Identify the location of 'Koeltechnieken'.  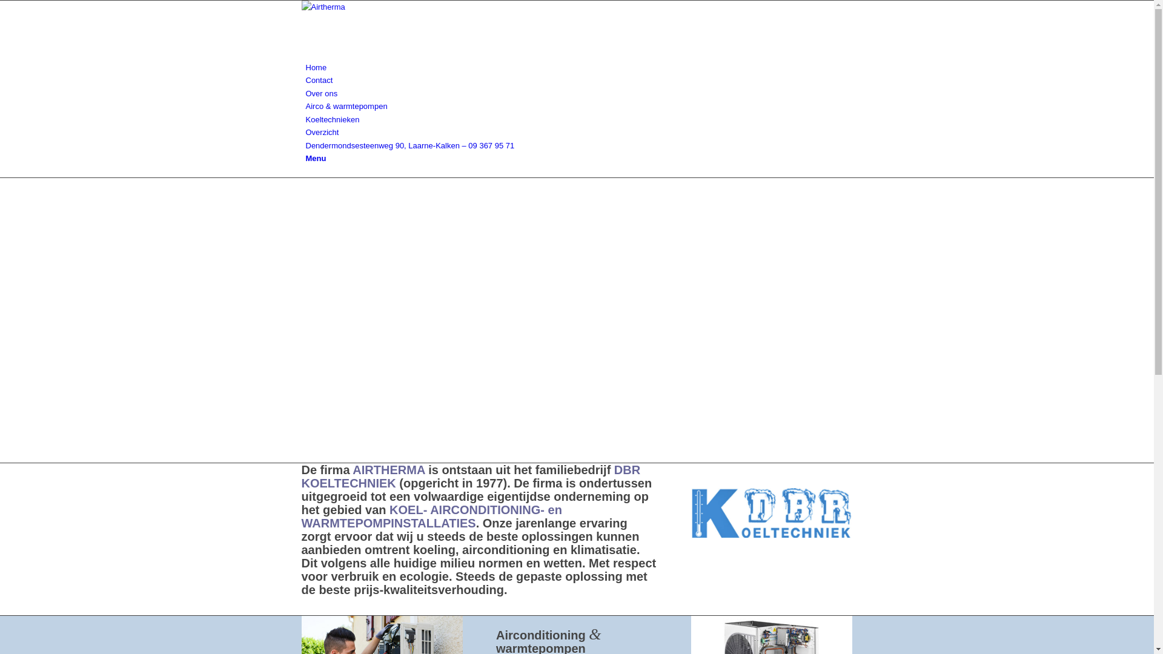
(332, 119).